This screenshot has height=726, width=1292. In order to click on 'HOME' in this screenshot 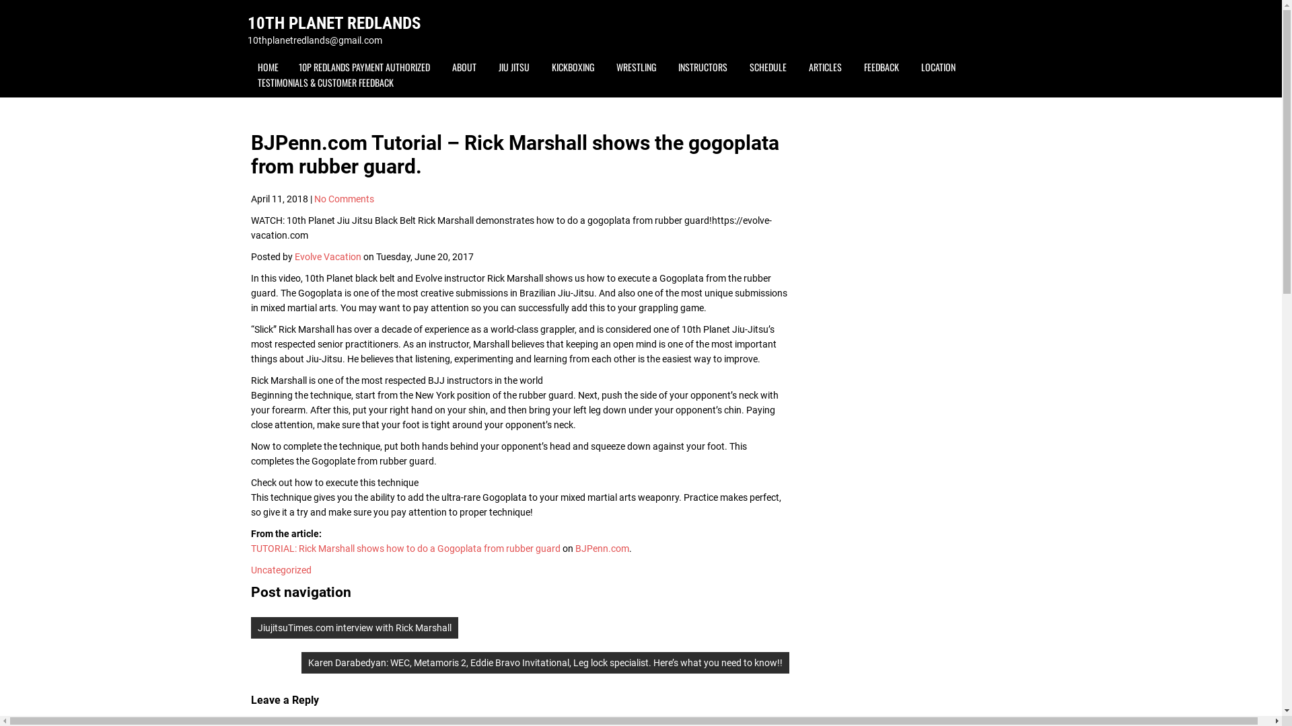, I will do `click(248, 67)`.